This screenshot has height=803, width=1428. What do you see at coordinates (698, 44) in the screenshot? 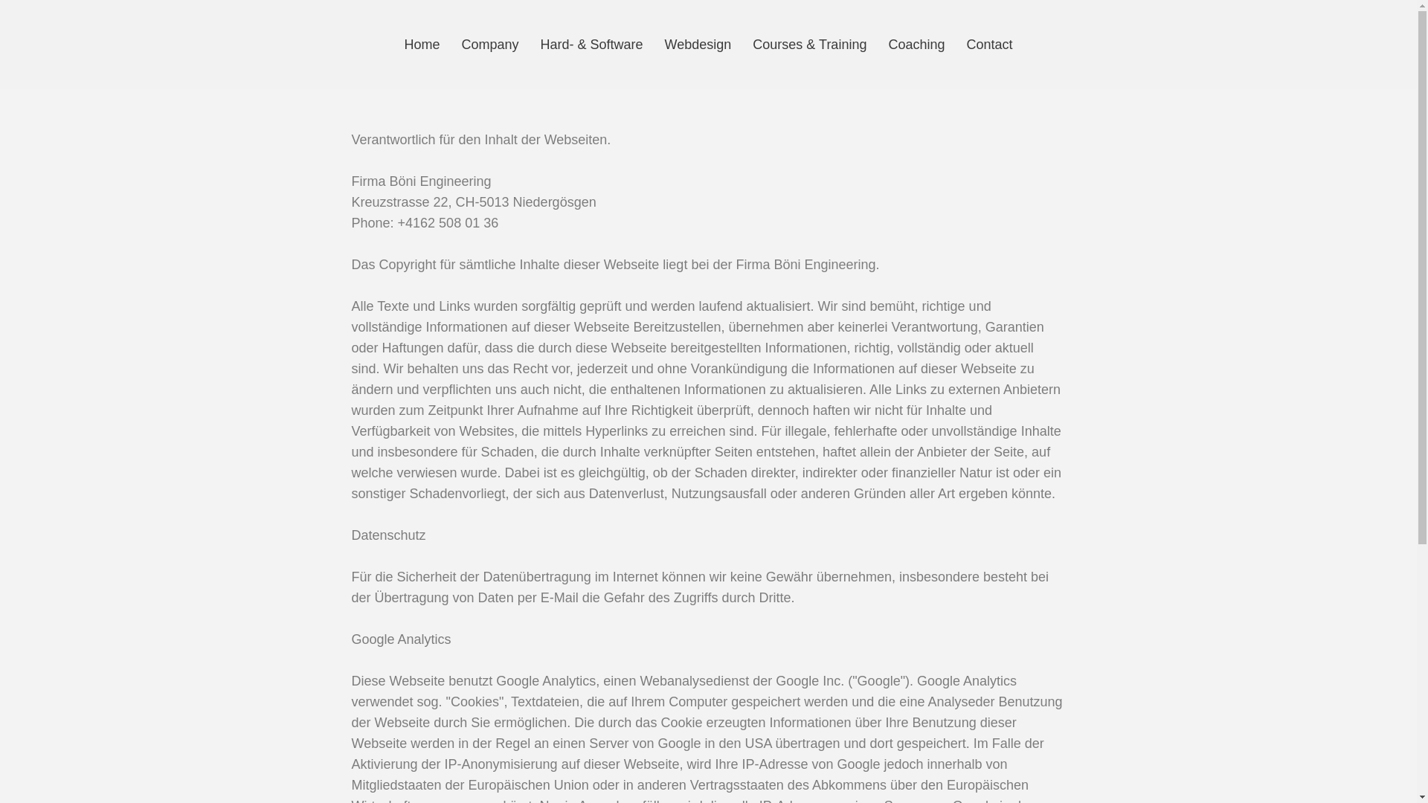
I see `'Webdesign'` at bounding box center [698, 44].